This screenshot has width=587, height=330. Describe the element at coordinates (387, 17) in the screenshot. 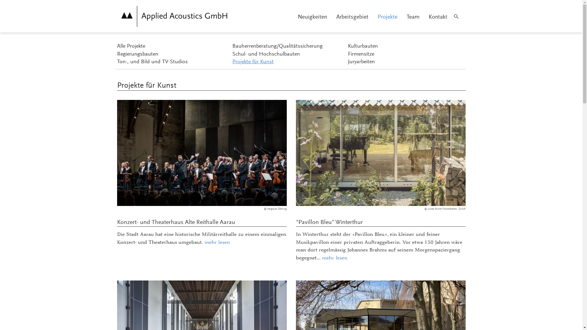

I see `'Projekte'` at that location.